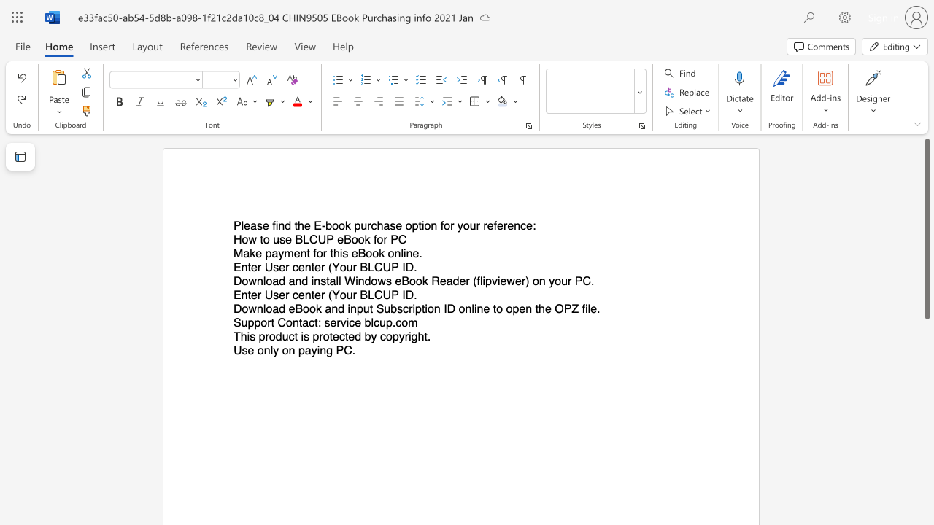 This screenshot has width=934, height=525. What do you see at coordinates (926, 436) in the screenshot?
I see `the vertical scrollbar to lower the page content` at bounding box center [926, 436].